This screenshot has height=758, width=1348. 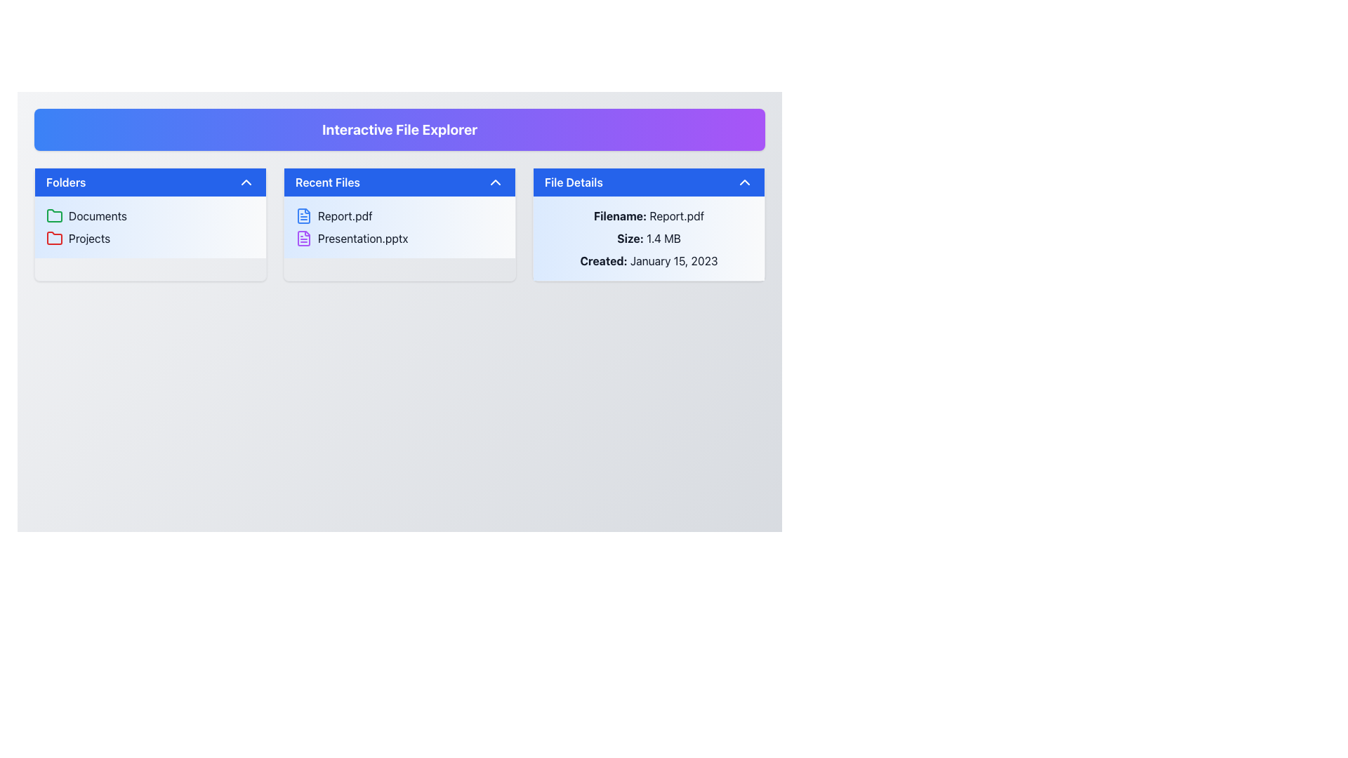 I want to click on the 'File Details' text label which is displayed in white on a blue background bar at the top of the rightmost panel, so click(x=574, y=181).